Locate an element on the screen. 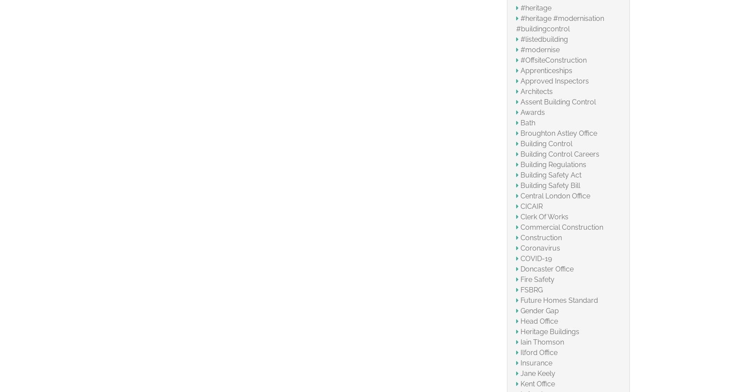 Image resolution: width=737 pixels, height=392 pixels. 'Building Control Careers' is located at coordinates (520, 154).